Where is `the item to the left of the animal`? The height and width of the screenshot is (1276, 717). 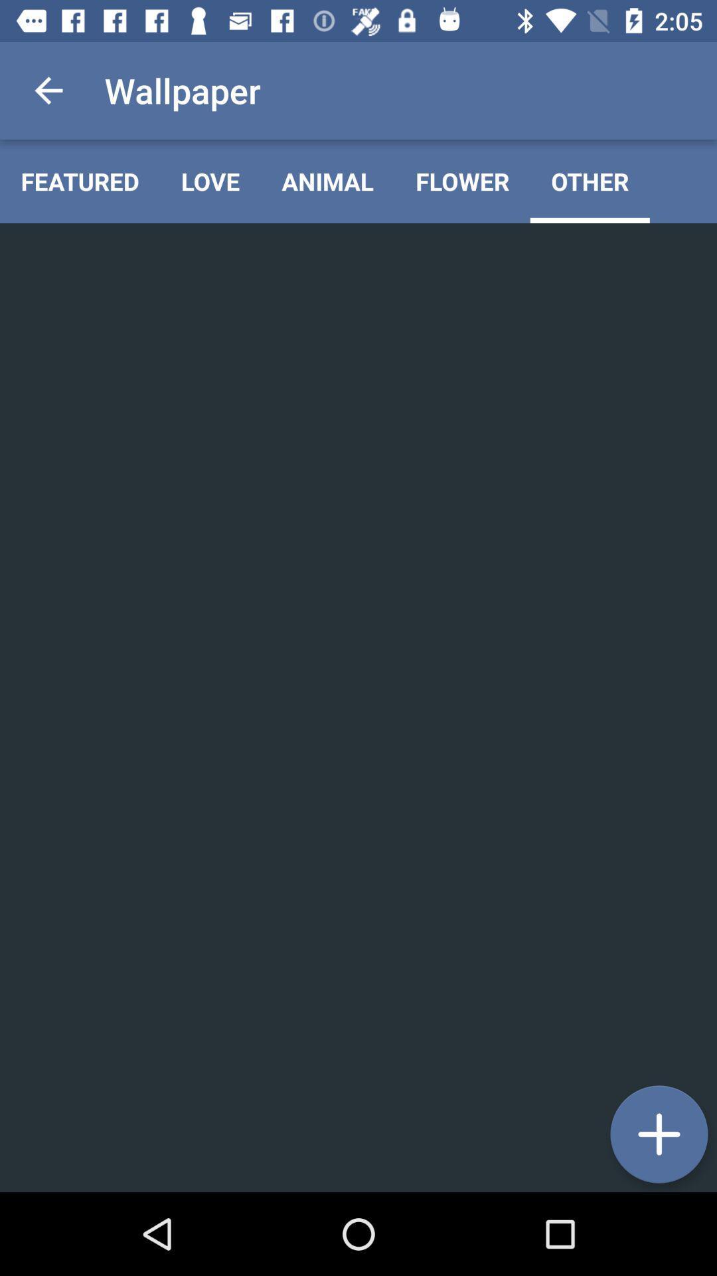 the item to the left of the animal is located at coordinates (210, 181).